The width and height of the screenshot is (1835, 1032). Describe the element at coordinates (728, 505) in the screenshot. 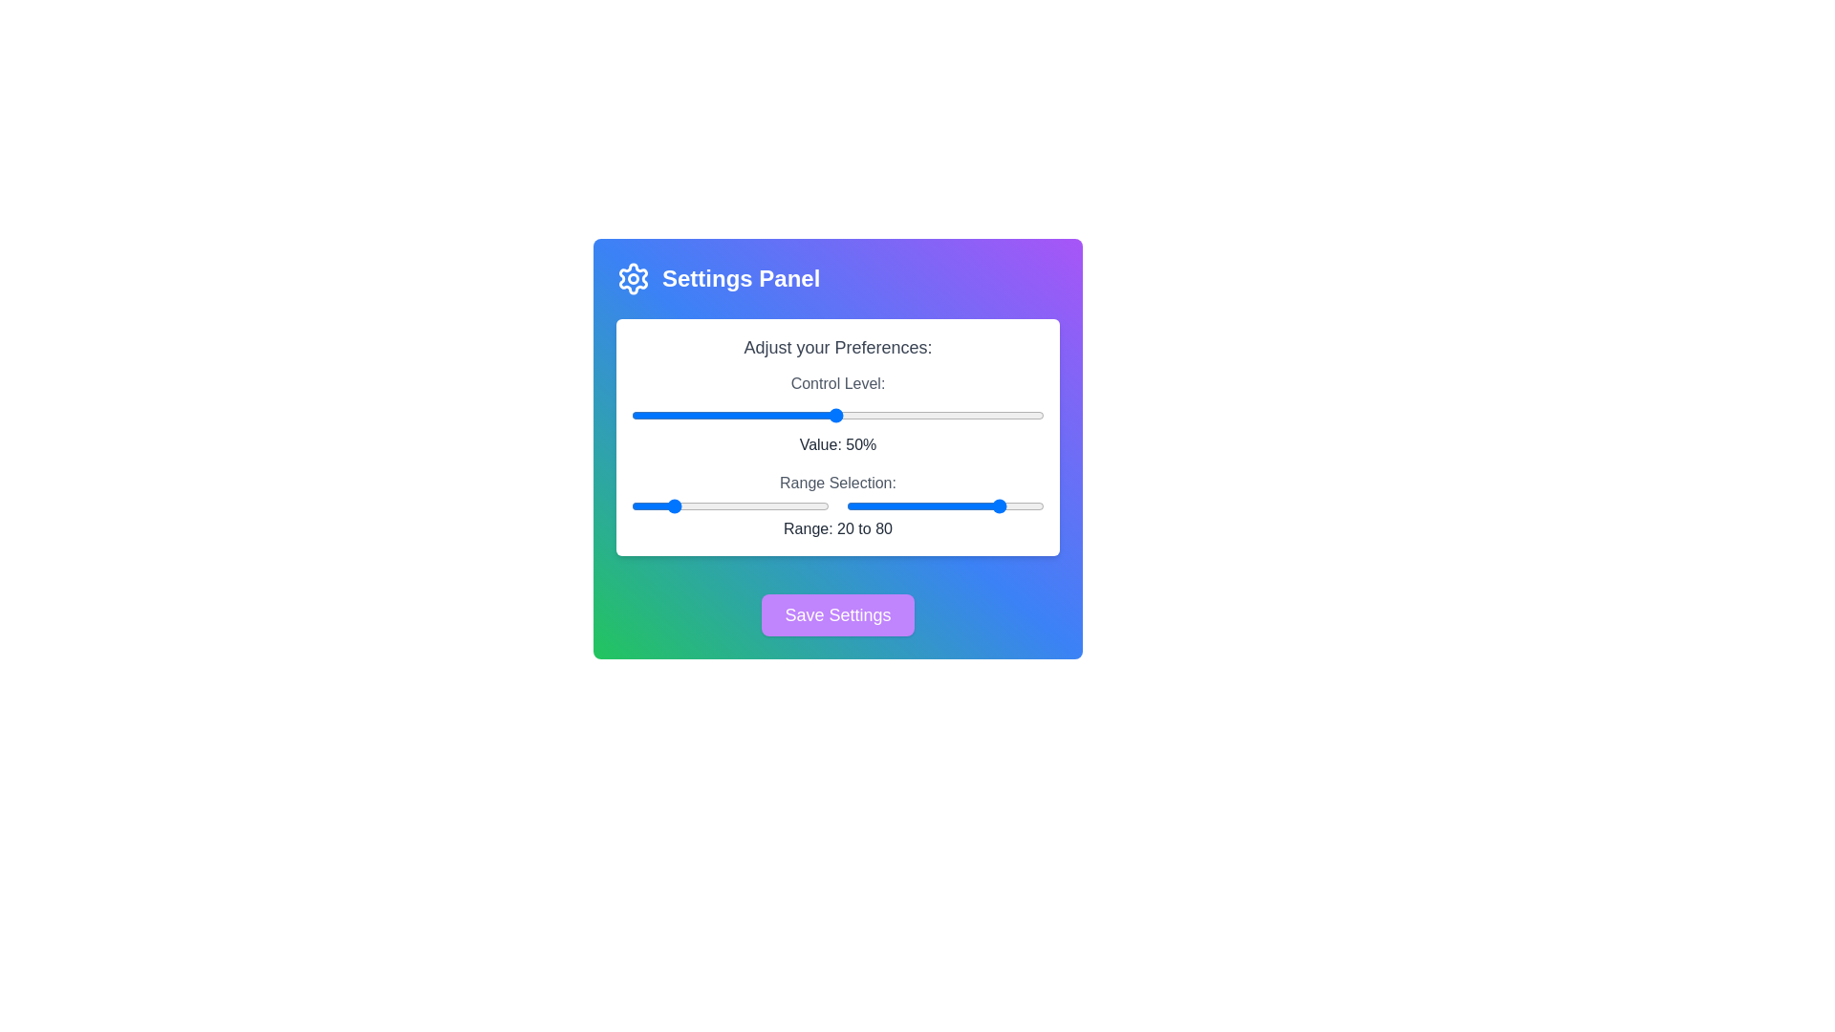

I see `the slider` at that location.